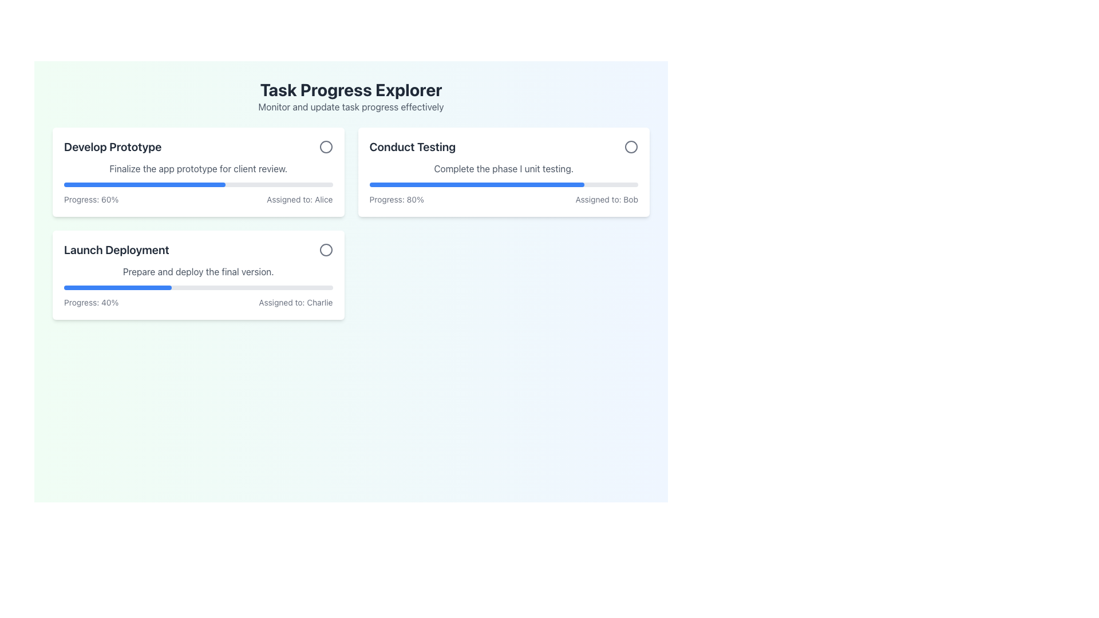 The width and height of the screenshot is (1099, 618). What do you see at coordinates (350, 96) in the screenshot?
I see `the text header section located at the top center of the interface, which provides a title and brief description about task progress management functionalities` at bounding box center [350, 96].